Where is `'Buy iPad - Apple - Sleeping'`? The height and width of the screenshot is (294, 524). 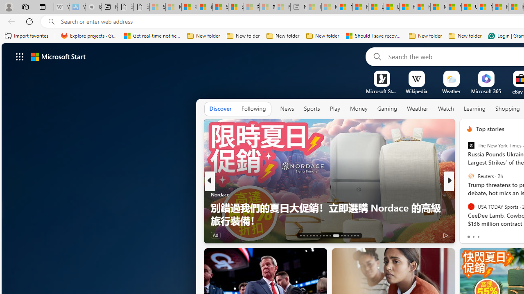
'Buy iPad - Apple - Sleeping' is located at coordinates (94, 7).